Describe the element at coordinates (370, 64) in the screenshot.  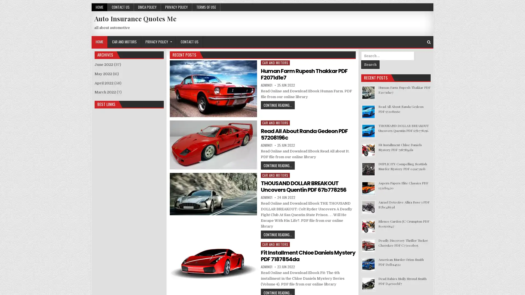
I see `Search` at that location.